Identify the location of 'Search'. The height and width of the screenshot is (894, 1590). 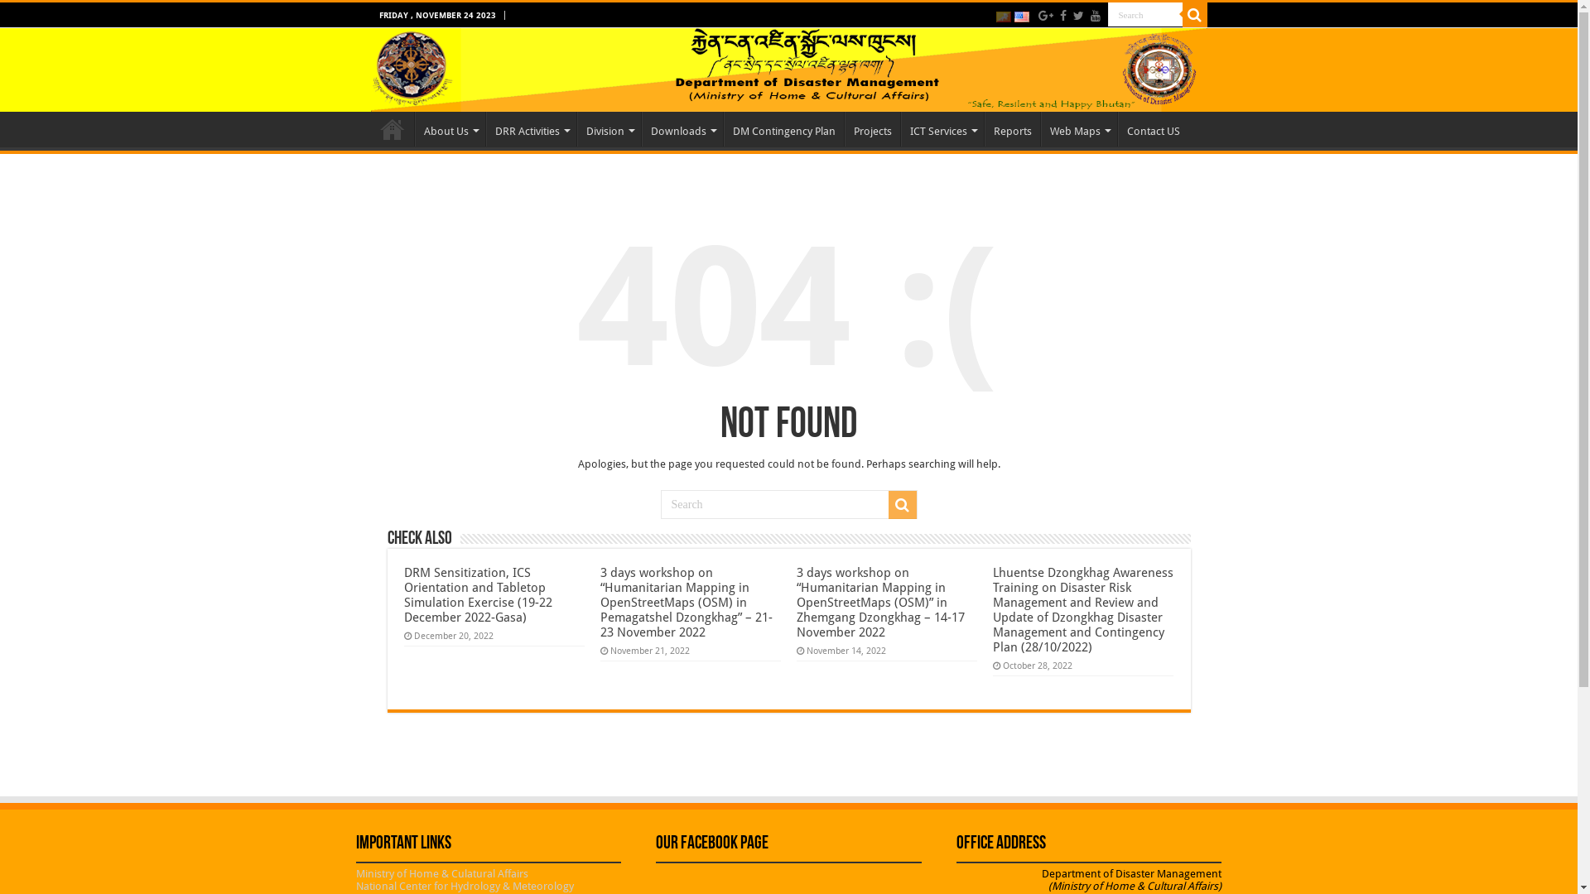
(1108, 14).